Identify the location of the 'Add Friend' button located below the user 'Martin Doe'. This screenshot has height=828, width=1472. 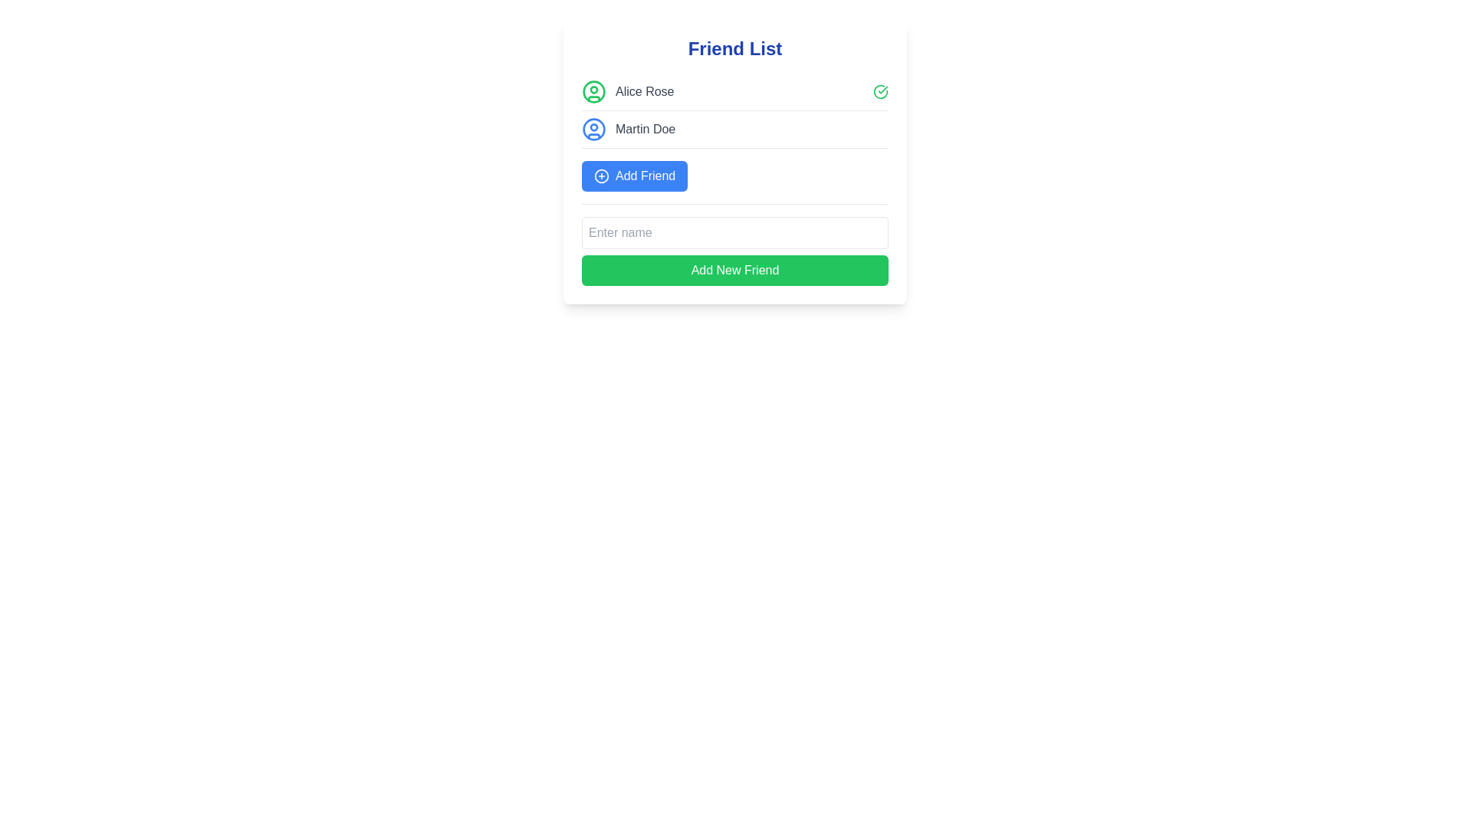
(635, 176).